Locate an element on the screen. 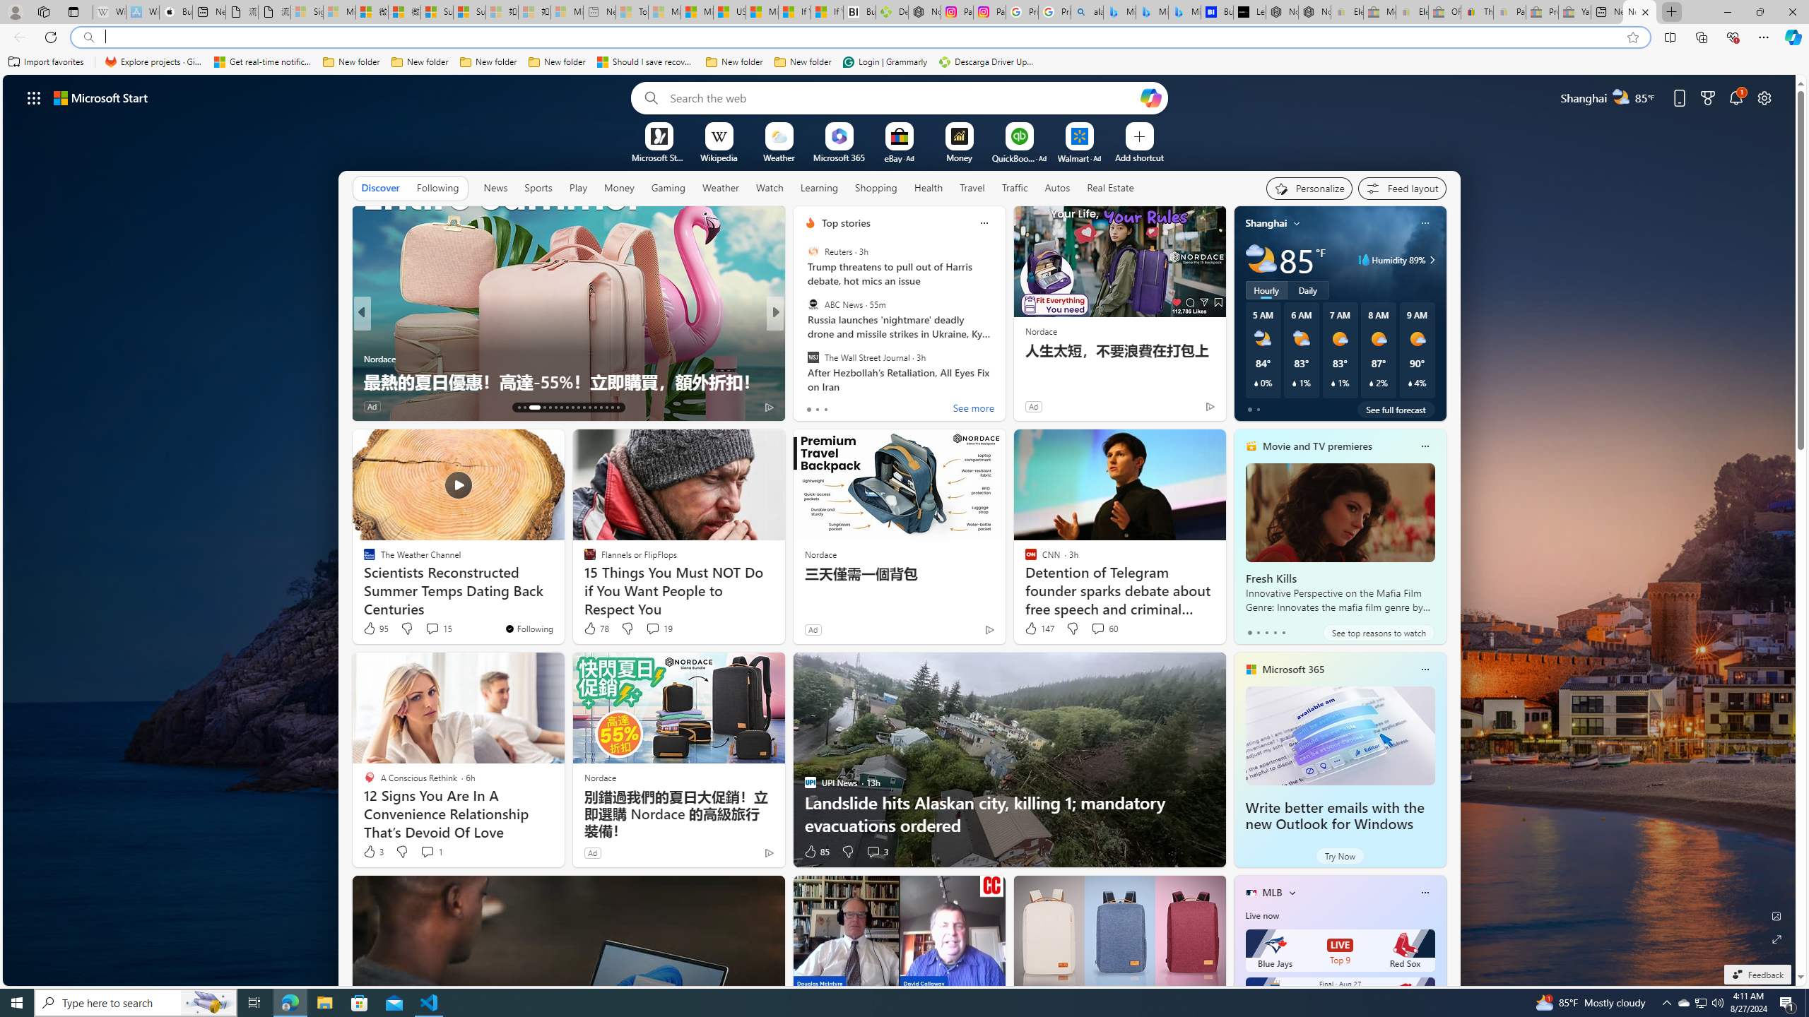 The image size is (1809, 1017). 'Page settings' is located at coordinates (1764, 97).